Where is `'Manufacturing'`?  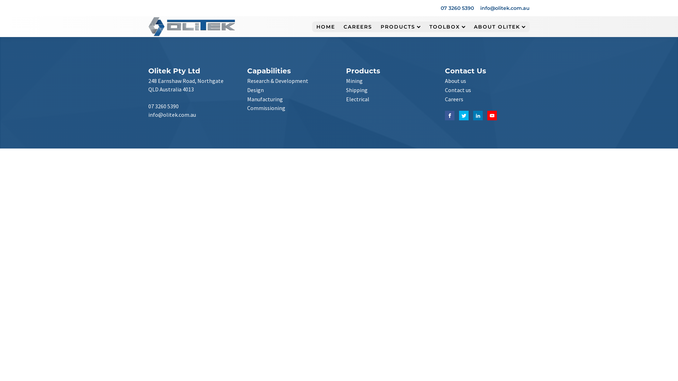
'Manufacturing' is located at coordinates (247, 99).